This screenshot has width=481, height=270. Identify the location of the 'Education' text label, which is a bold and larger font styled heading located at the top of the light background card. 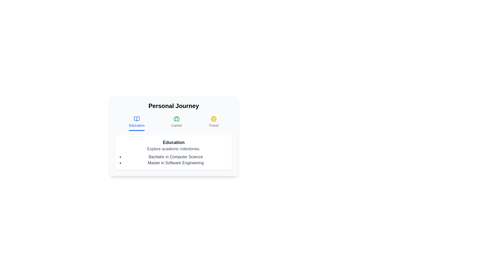
(174, 142).